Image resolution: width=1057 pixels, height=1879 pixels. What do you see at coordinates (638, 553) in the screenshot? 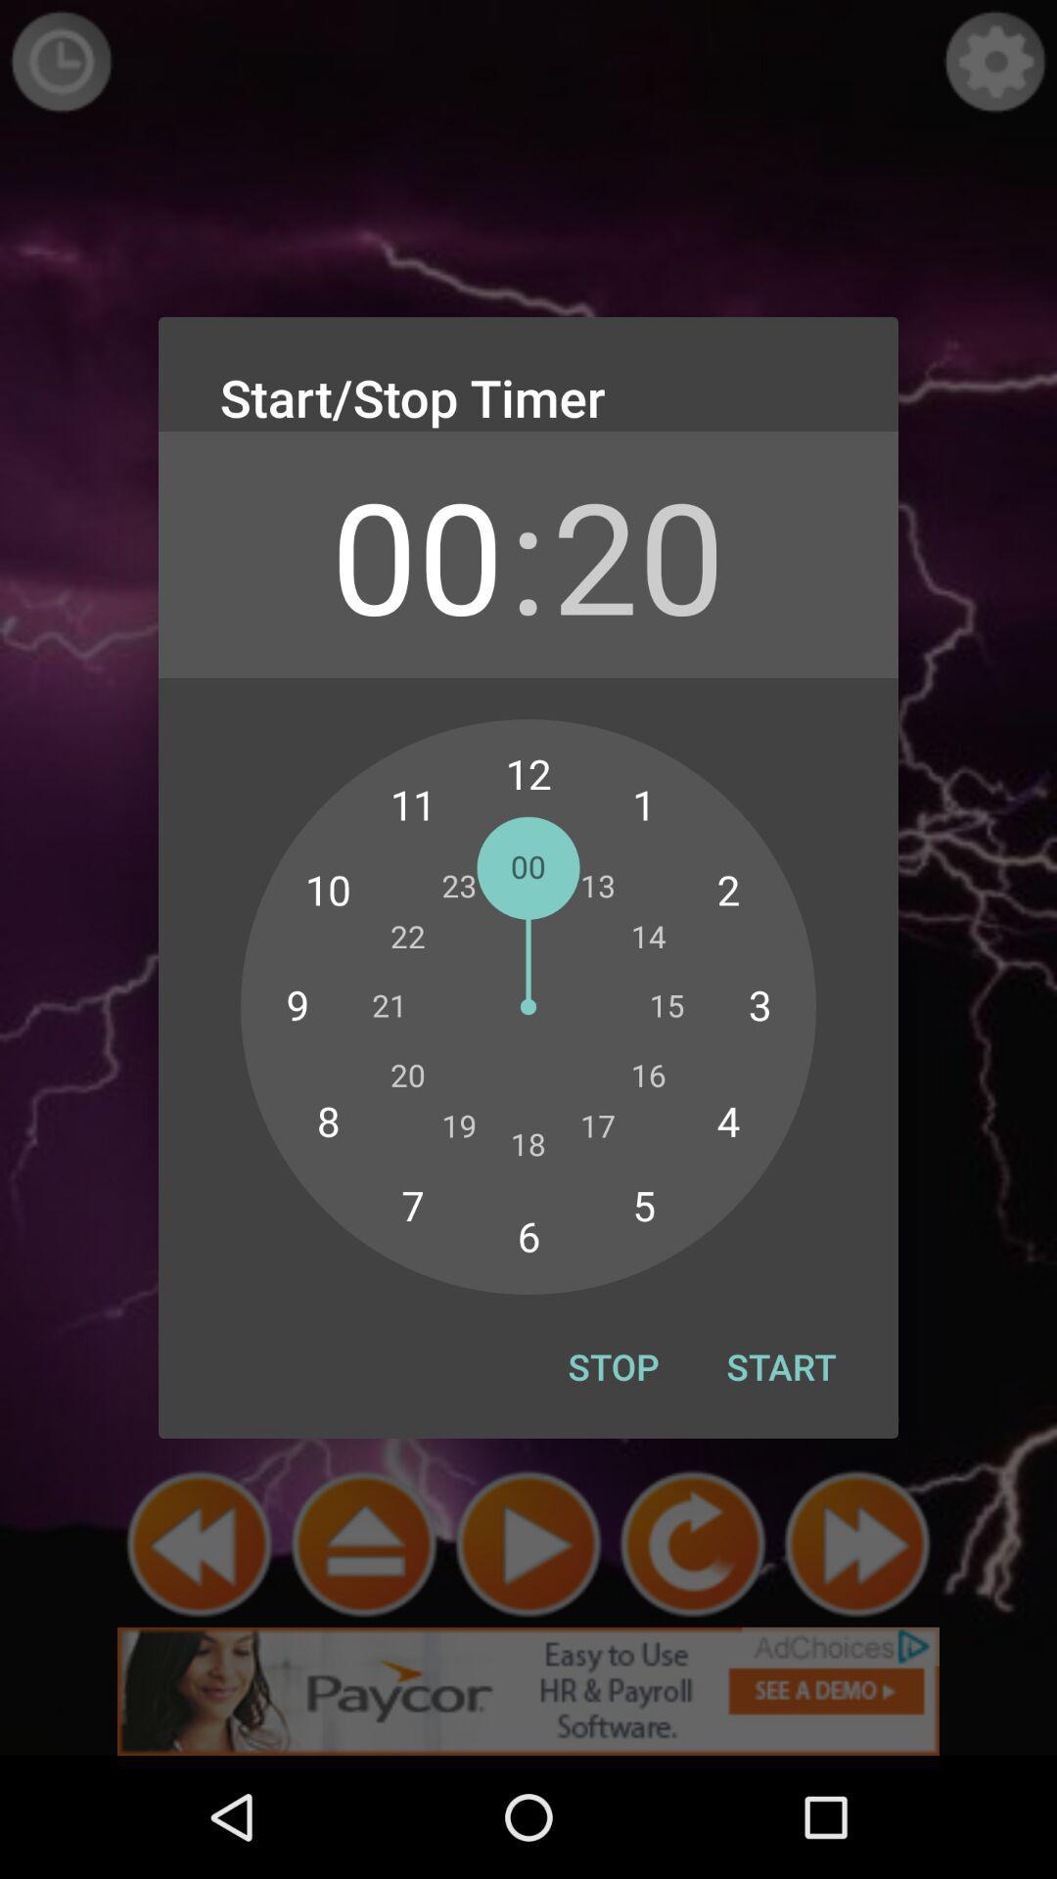
I see `icon next to the : icon` at bounding box center [638, 553].